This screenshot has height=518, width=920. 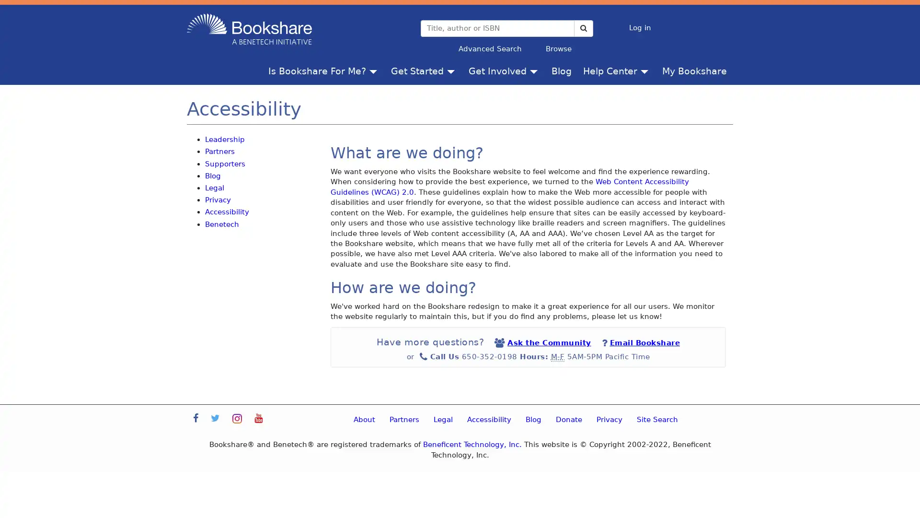 What do you see at coordinates (646, 70) in the screenshot?
I see `Help Center menu` at bounding box center [646, 70].